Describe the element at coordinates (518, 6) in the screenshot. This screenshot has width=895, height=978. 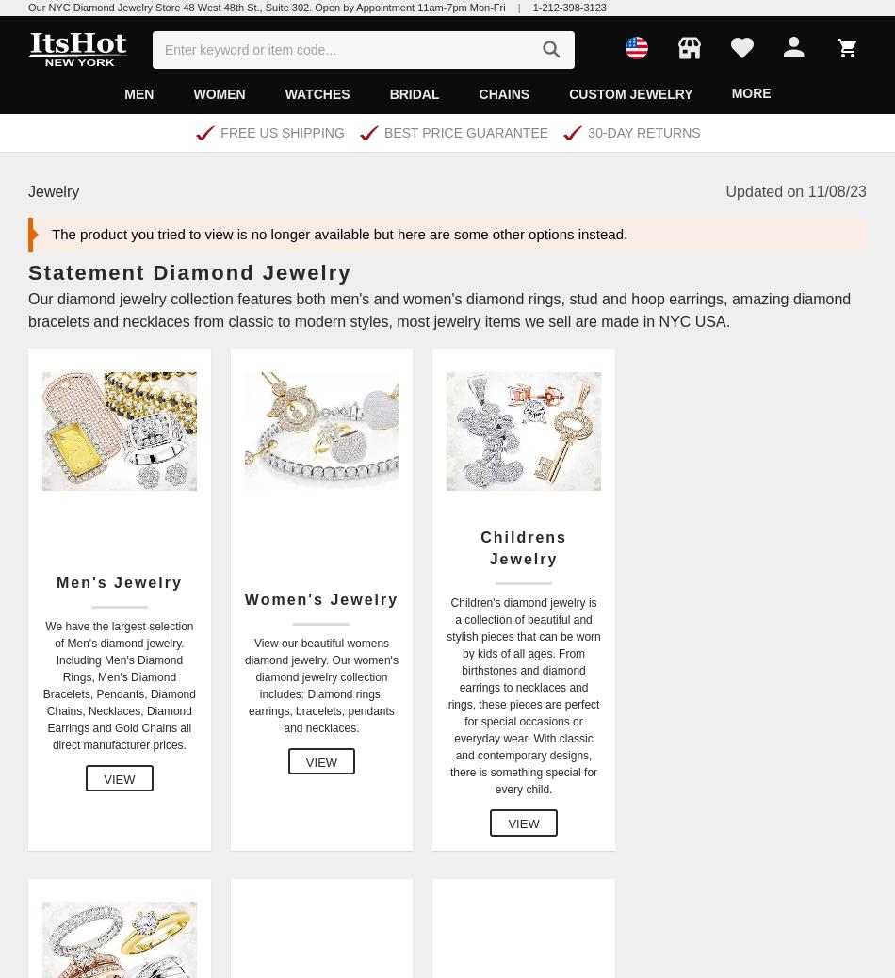
I see `'|'` at that location.